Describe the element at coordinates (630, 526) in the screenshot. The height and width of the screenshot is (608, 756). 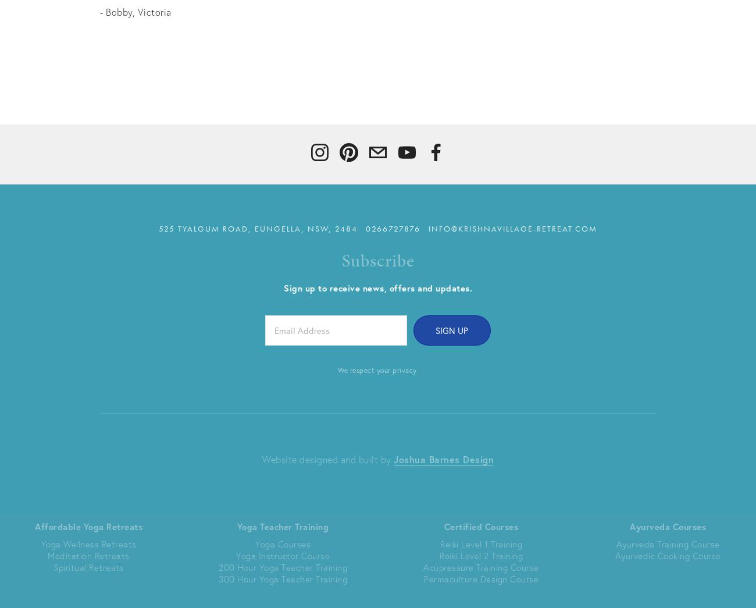
I see `'Ayurveda Courses'` at that location.